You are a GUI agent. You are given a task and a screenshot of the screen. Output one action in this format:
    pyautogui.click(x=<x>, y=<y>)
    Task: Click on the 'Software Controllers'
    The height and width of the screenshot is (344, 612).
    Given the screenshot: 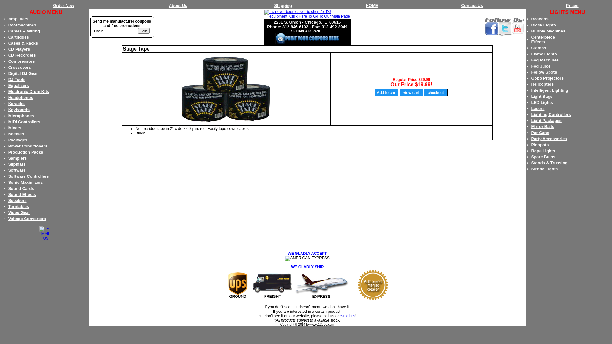 What is the action you would take?
    pyautogui.click(x=8, y=176)
    